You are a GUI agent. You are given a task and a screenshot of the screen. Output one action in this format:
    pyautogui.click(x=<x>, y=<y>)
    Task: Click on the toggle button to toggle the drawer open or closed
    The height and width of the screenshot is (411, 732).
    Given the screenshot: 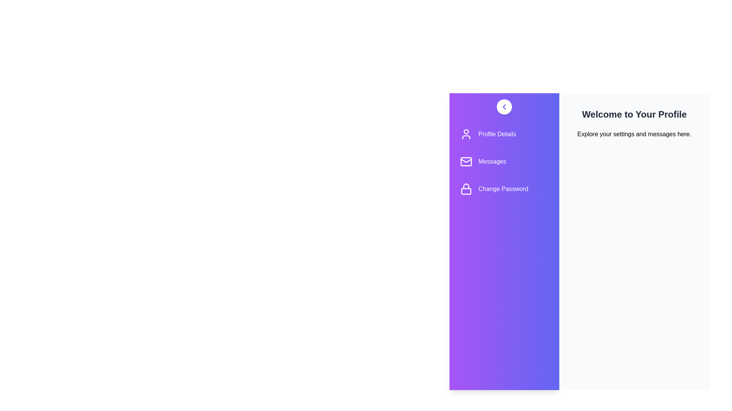 What is the action you would take?
    pyautogui.click(x=504, y=107)
    